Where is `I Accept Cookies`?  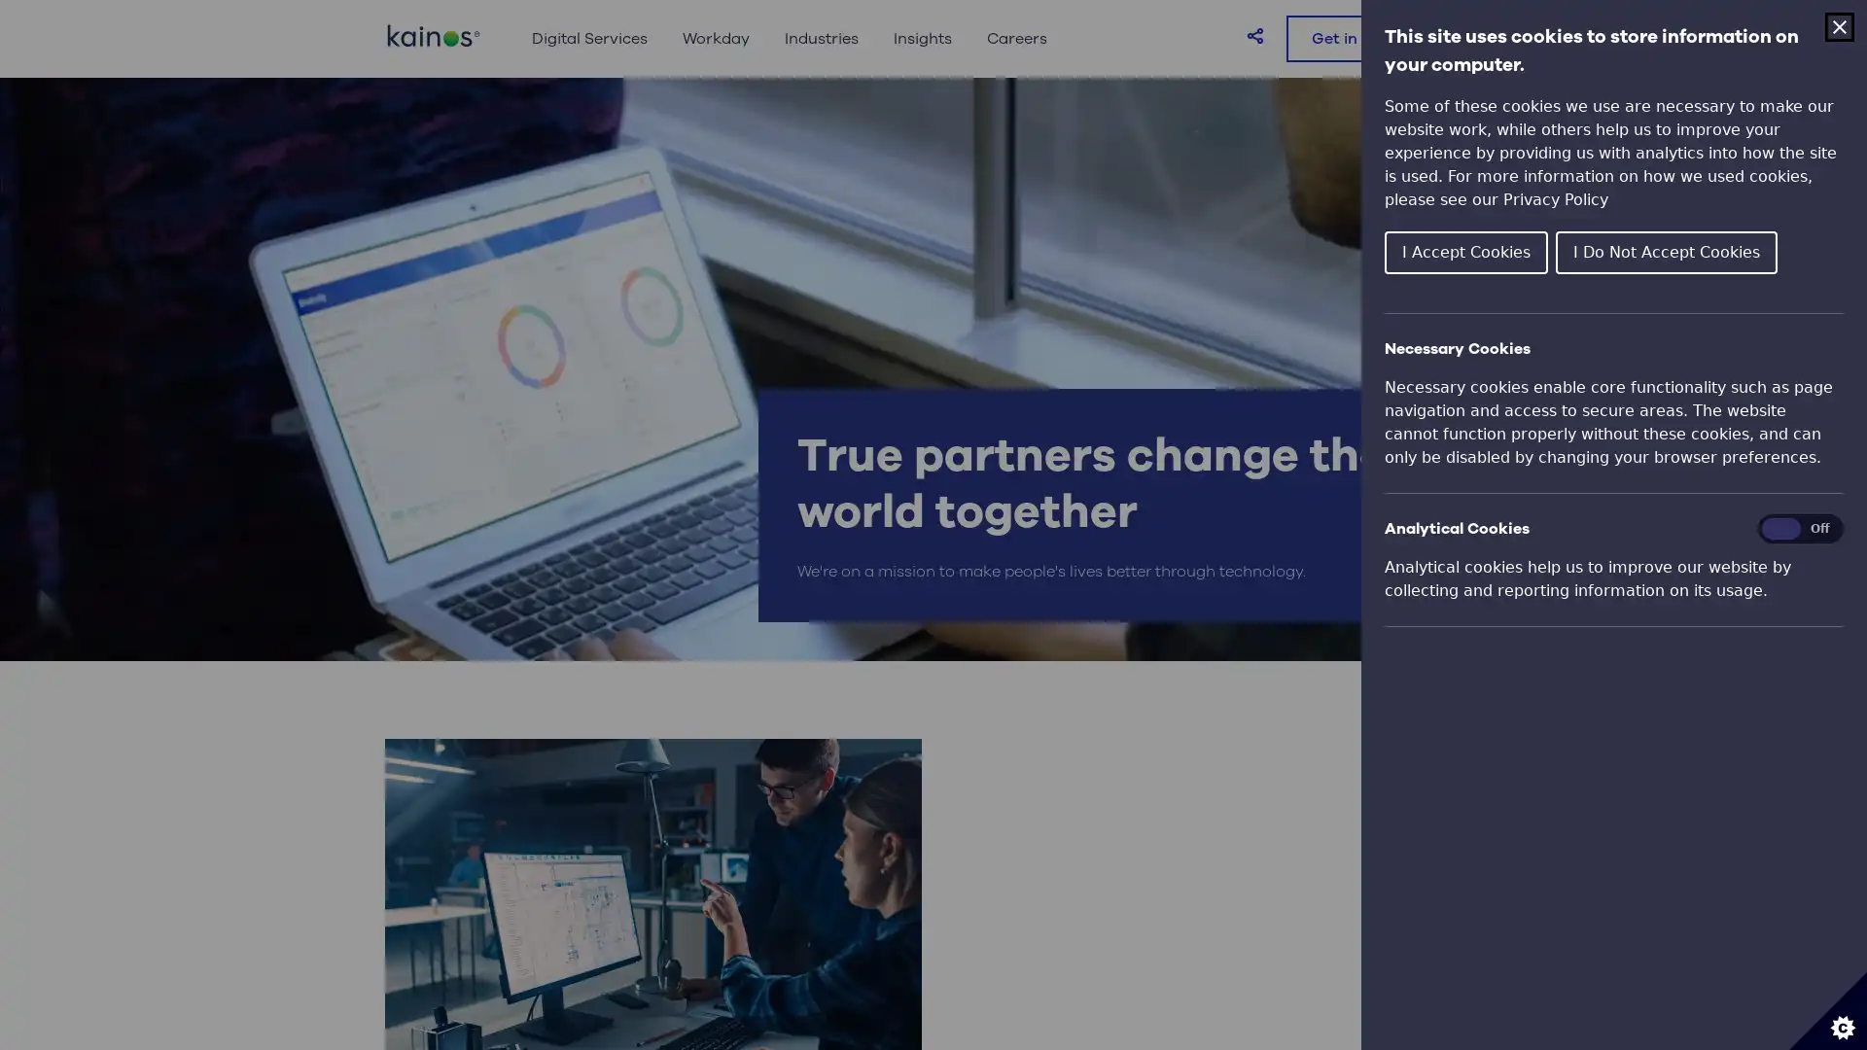 I Accept Cookies is located at coordinates (1465, 250).